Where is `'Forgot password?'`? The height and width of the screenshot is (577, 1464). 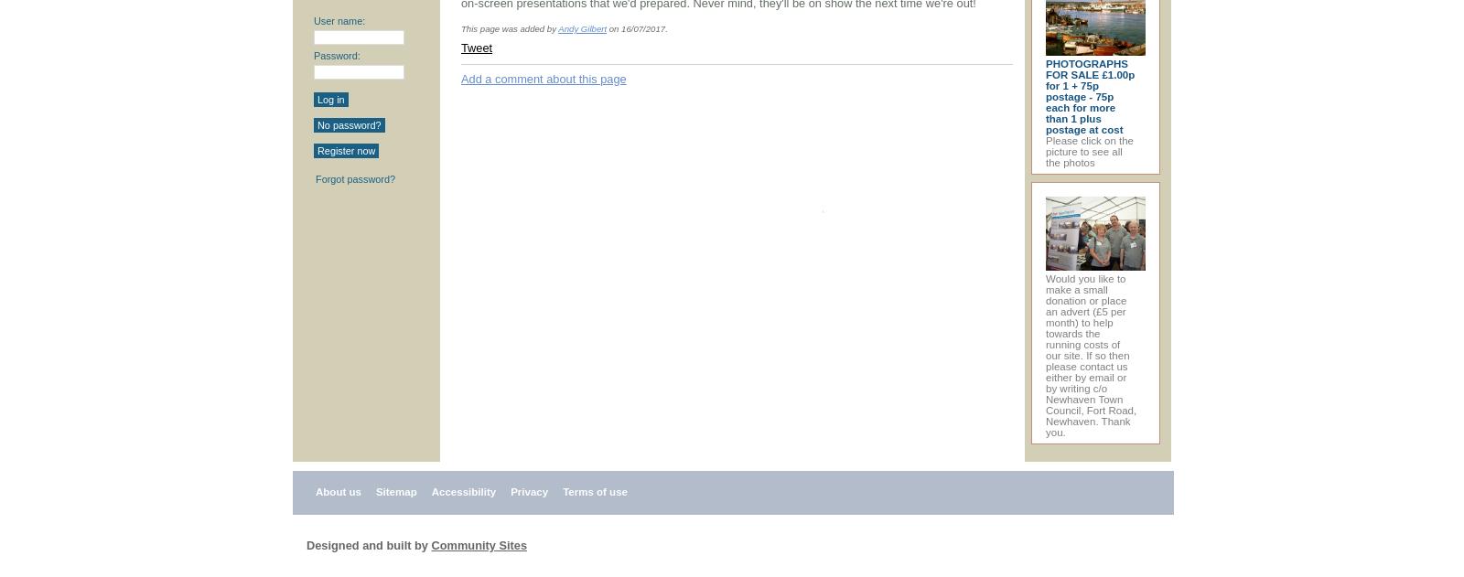
'Forgot password?' is located at coordinates (355, 176).